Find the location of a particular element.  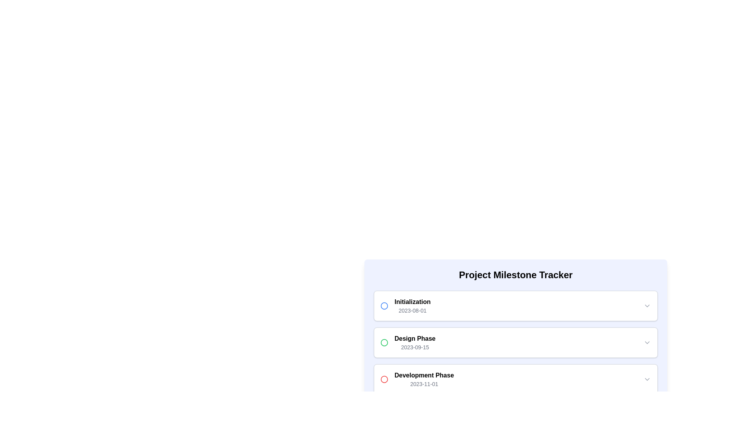

the text label displaying the date associated with the 'Initialization' milestone, located beneath the 'Initialization' label in the top-left area of the Project Milestone Tracker interface is located at coordinates (412, 310).